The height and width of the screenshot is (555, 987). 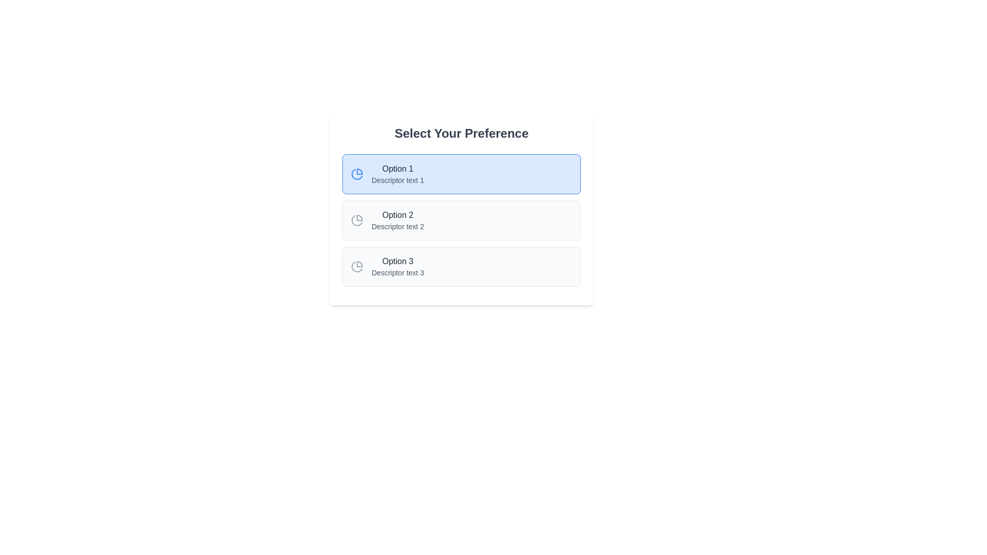 What do you see at coordinates (461, 266) in the screenshot?
I see `the radio button option labeled 'Option 3'` at bounding box center [461, 266].